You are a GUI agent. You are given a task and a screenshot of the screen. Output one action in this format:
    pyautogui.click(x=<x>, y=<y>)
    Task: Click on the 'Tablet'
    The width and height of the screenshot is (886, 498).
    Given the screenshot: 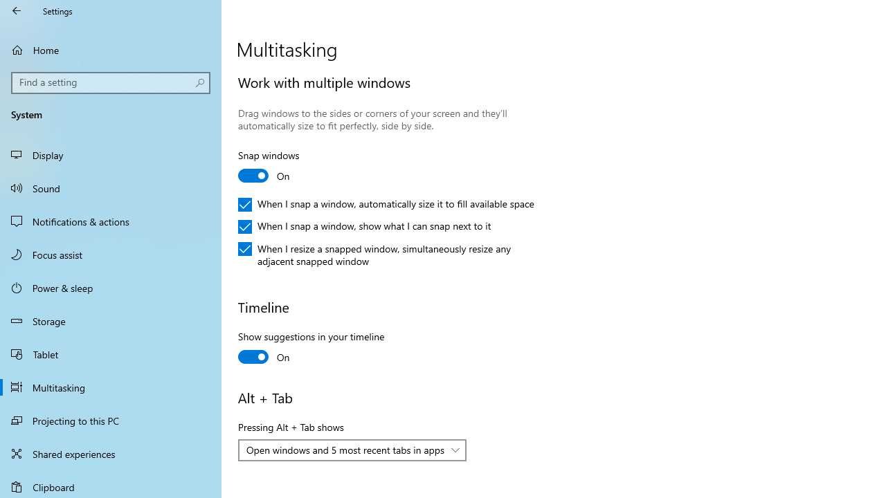 What is the action you would take?
    pyautogui.click(x=111, y=353)
    